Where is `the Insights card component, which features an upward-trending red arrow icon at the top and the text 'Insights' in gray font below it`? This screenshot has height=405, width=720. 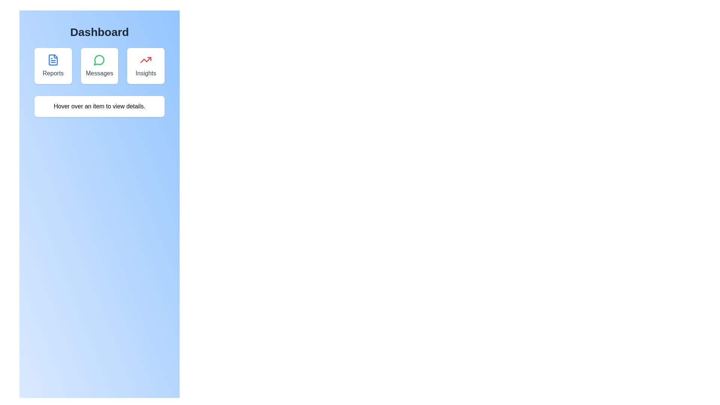
the Insights card component, which features an upward-trending red arrow icon at the top and the text 'Insights' in gray font below it is located at coordinates (146, 66).